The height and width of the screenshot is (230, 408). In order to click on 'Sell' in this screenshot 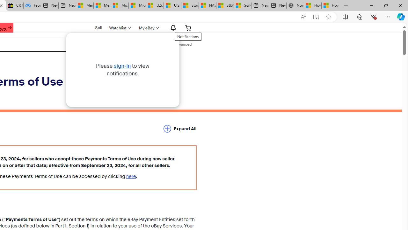, I will do `click(98, 27)`.